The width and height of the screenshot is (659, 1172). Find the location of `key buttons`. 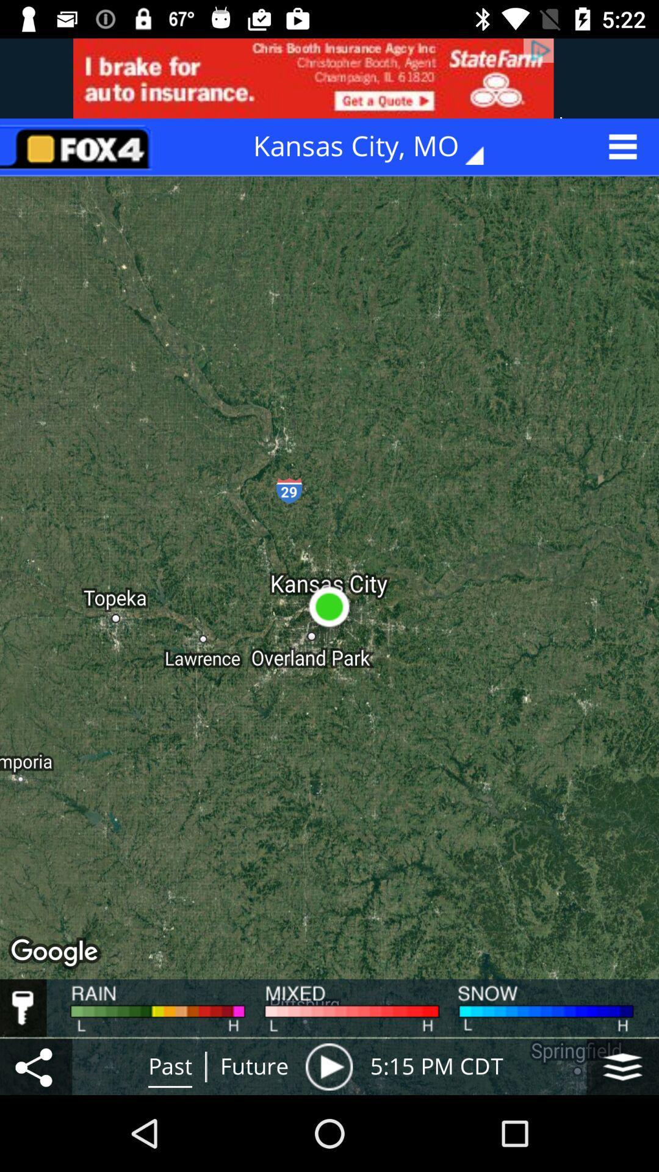

key buttons is located at coordinates (23, 1008).